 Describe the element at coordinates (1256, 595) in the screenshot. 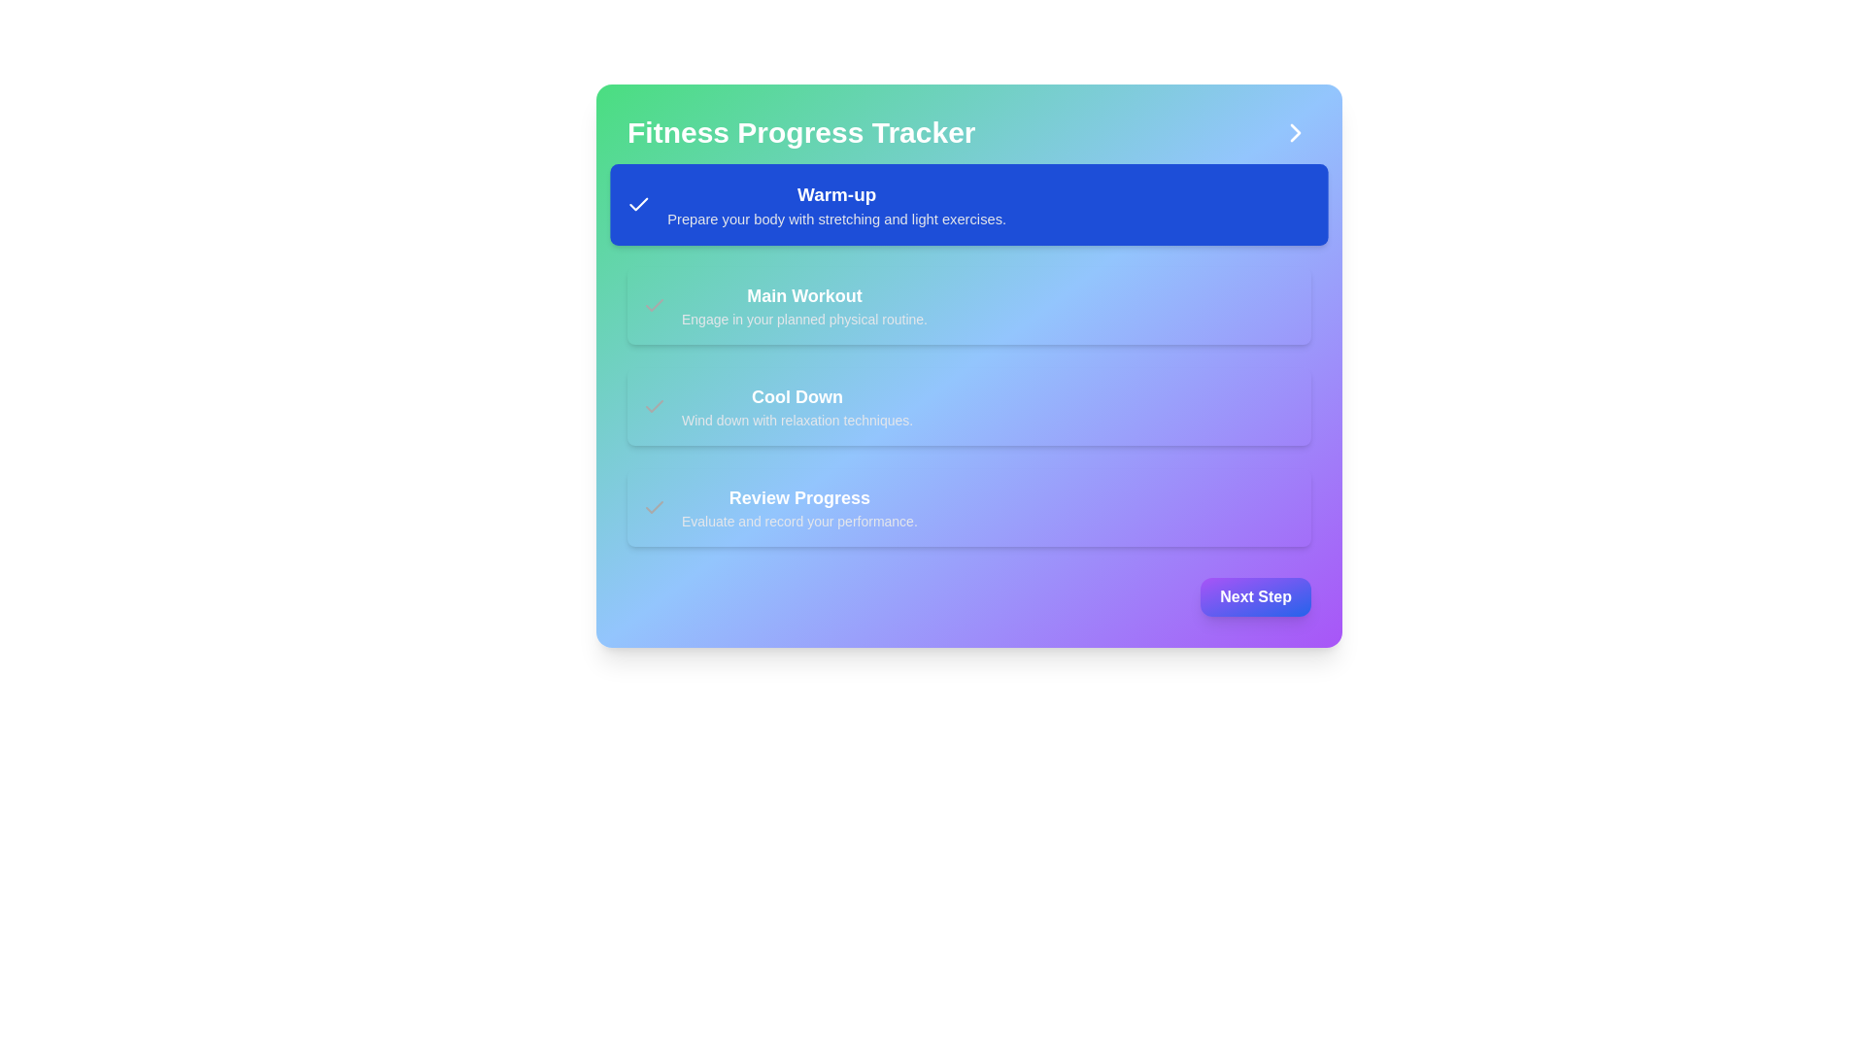

I see `the 'Next Step' button located at the bottom right corner of the card-like layout to proceed to the next phase of the application` at that location.